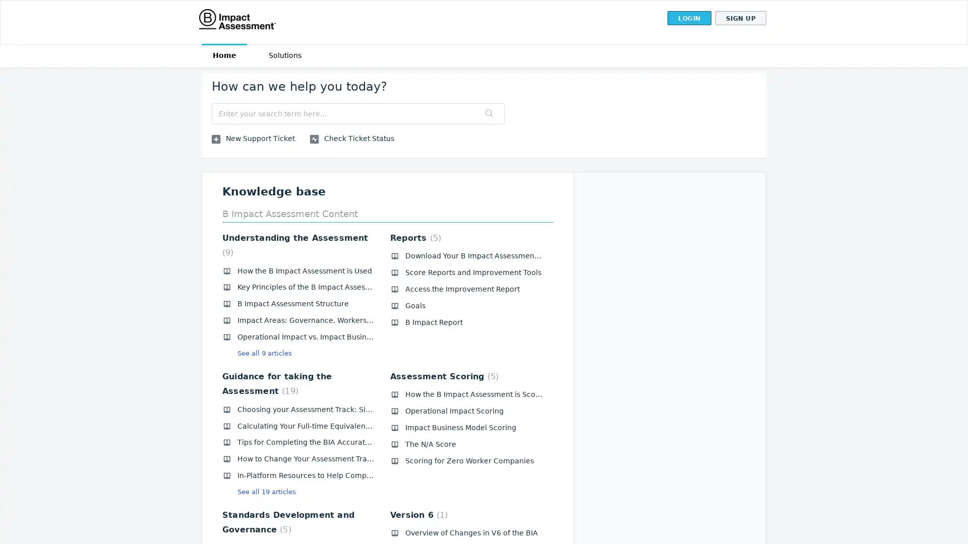 The height and width of the screenshot is (544, 968). What do you see at coordinates (489, 113) in the screenshot?
I see `Search` at bounding box center [489, 113].